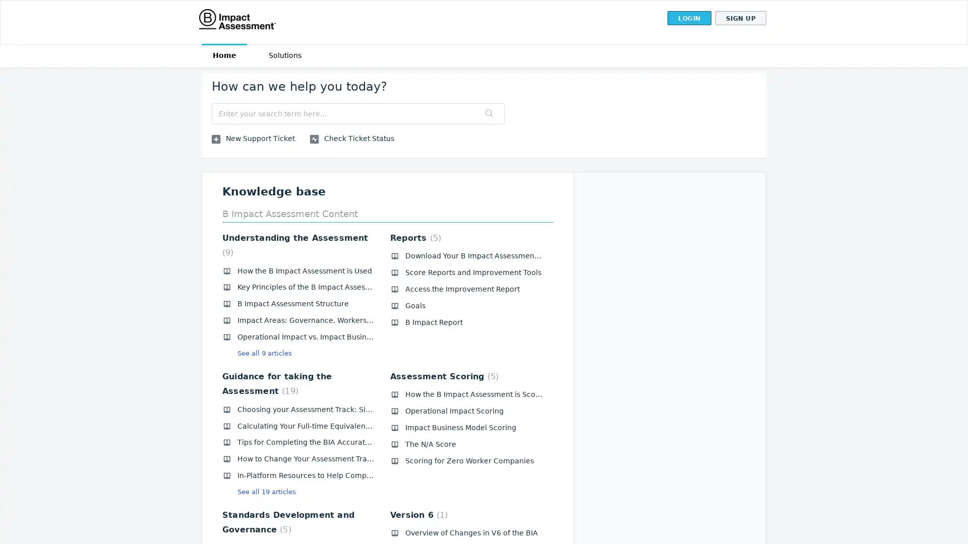 The height and width of the screenshot is (544, 968). What do you see at coordinates (489, 113) in the screenshot?
I see `Search` at bounding box center [489, 113].